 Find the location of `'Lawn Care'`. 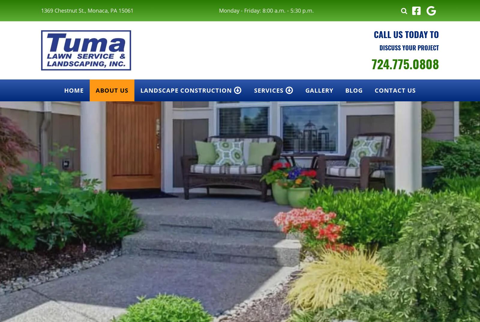

'Lawn Care' is located at coordinates (272, 133).